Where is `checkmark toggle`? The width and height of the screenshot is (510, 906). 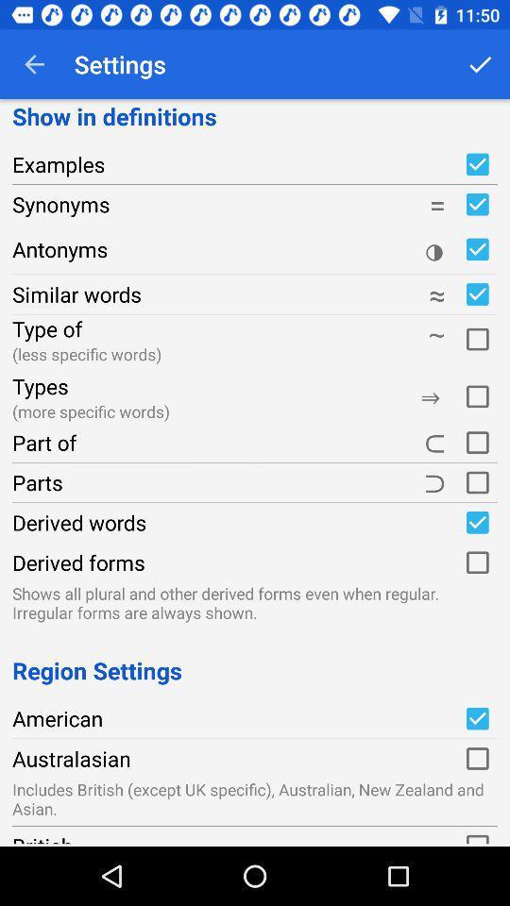
checkmark toggle is located at coordinates (476, 717).